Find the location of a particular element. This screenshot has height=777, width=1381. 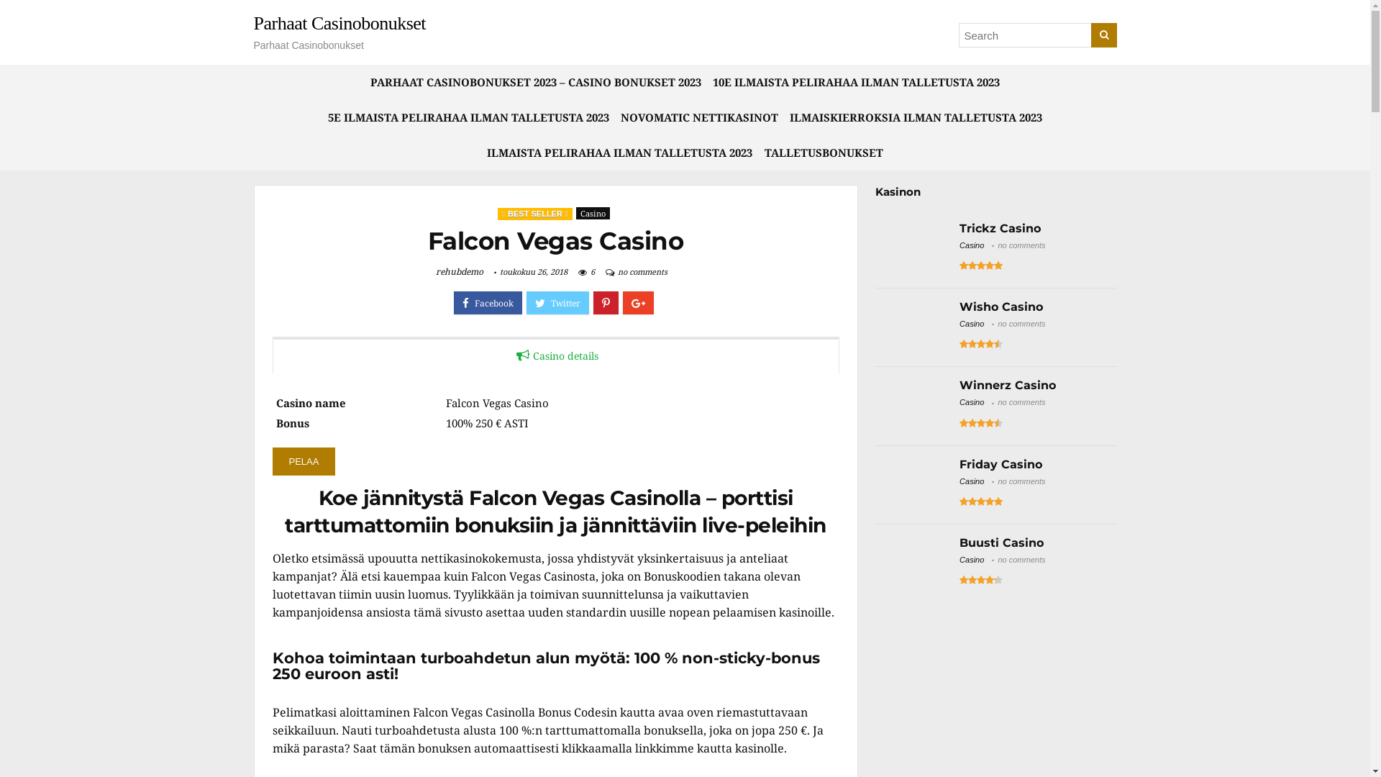

'5E ILMAISTA PELIRAHAA ILMAN TALLETUSTA 2023' is located at coordinates (468, 117).